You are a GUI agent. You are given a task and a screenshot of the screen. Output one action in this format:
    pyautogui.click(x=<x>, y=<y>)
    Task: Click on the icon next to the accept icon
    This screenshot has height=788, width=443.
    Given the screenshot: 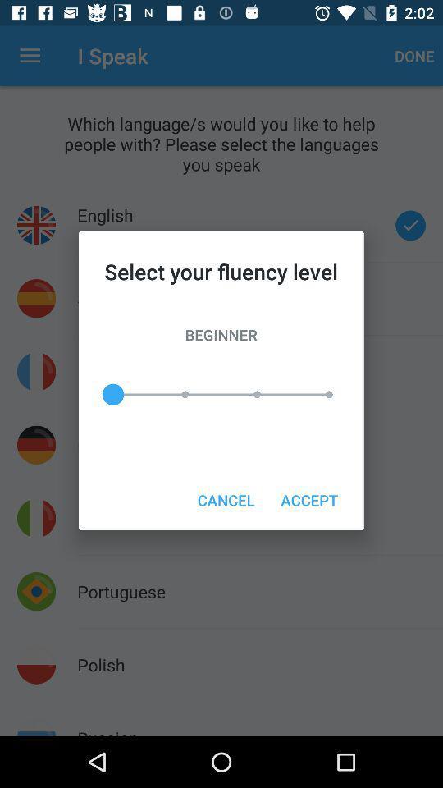 What is the action you would take?
    pyautogui.click(x=225, y=499)
    